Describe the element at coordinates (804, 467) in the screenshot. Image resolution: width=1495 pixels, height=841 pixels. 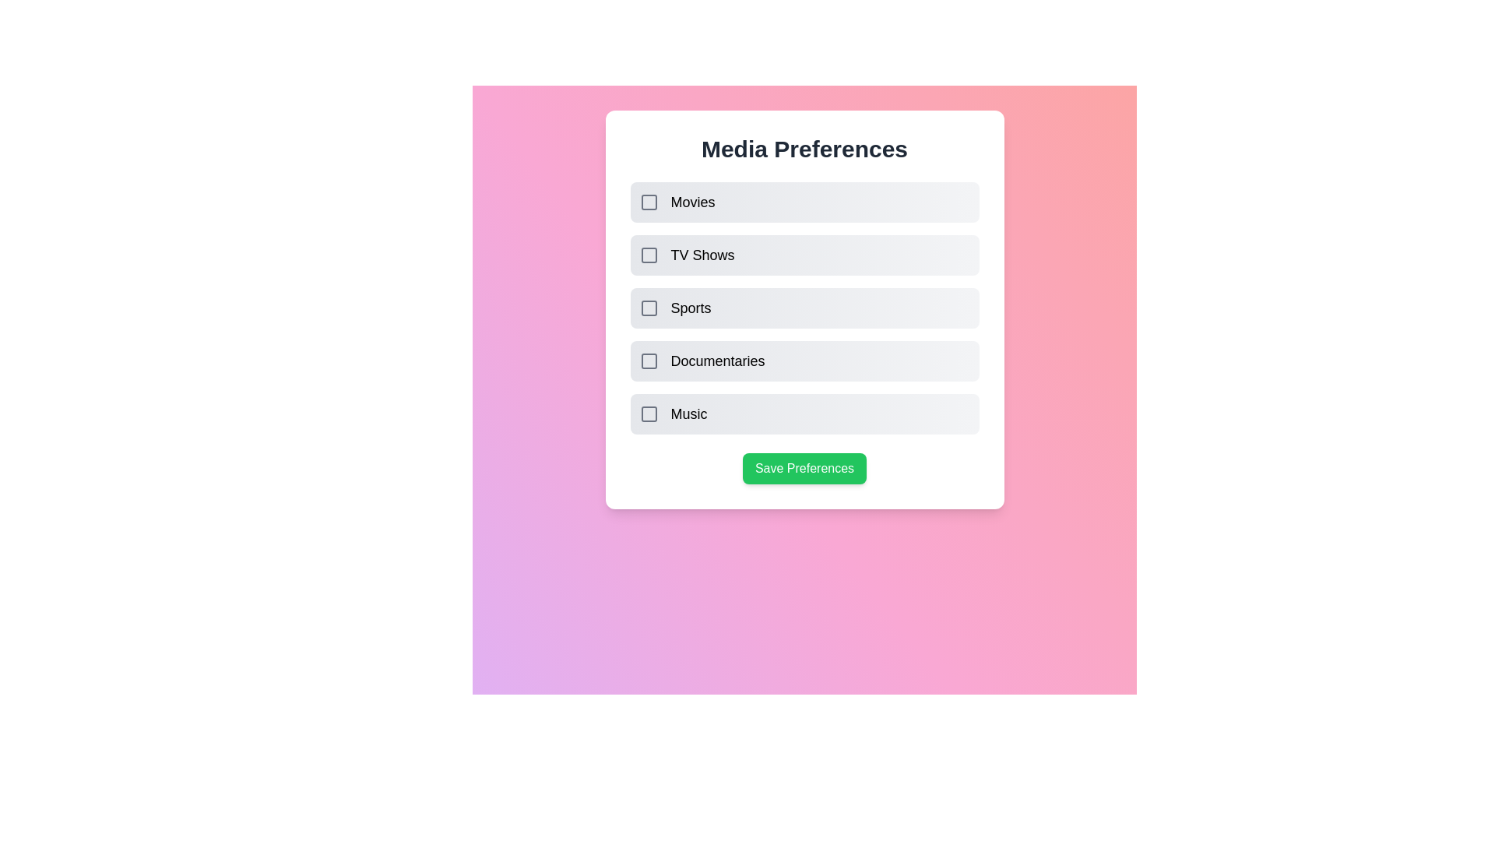
I see `'Save Preferences' button to save the user's media preferences` at that location.